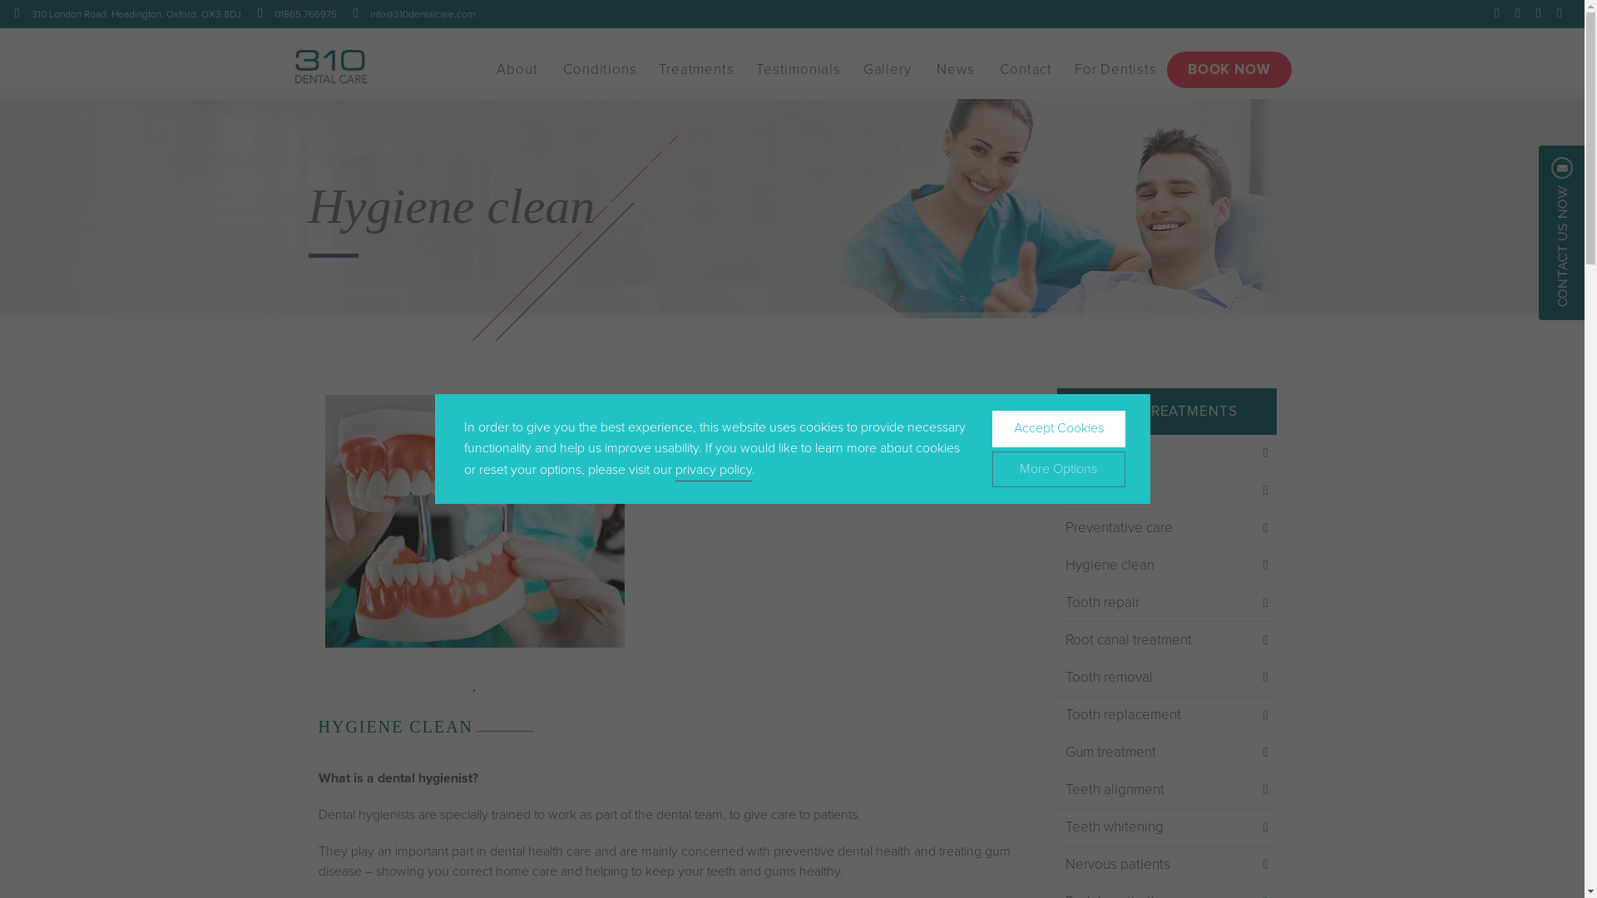 This screenshot has width=1597, height=898. What do you see at coordinates (1164, 603) in the screenshot?
I see `'Tooth repair'` at bounding box center [1164, 603].